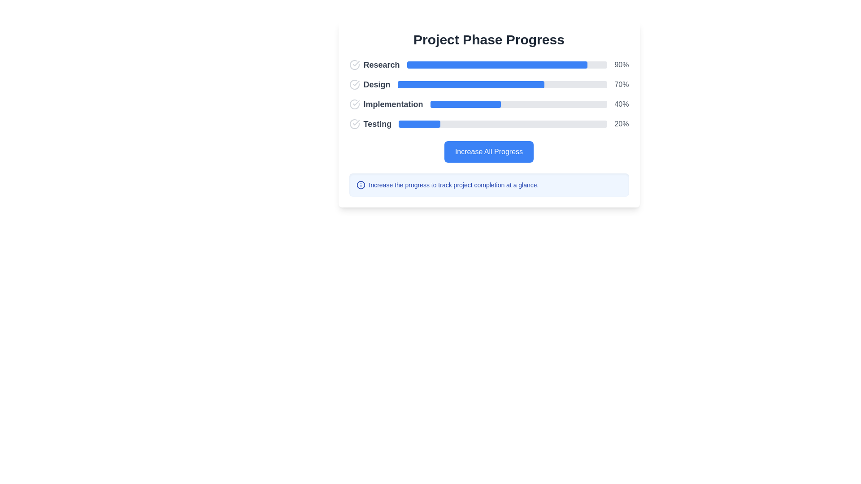 This screenshot has width=861, height=484. What do you see at coordinates (377, 85) in the screenshot?
I see `the text label representing the 'Design' phase` at bounding box center [377, 85].